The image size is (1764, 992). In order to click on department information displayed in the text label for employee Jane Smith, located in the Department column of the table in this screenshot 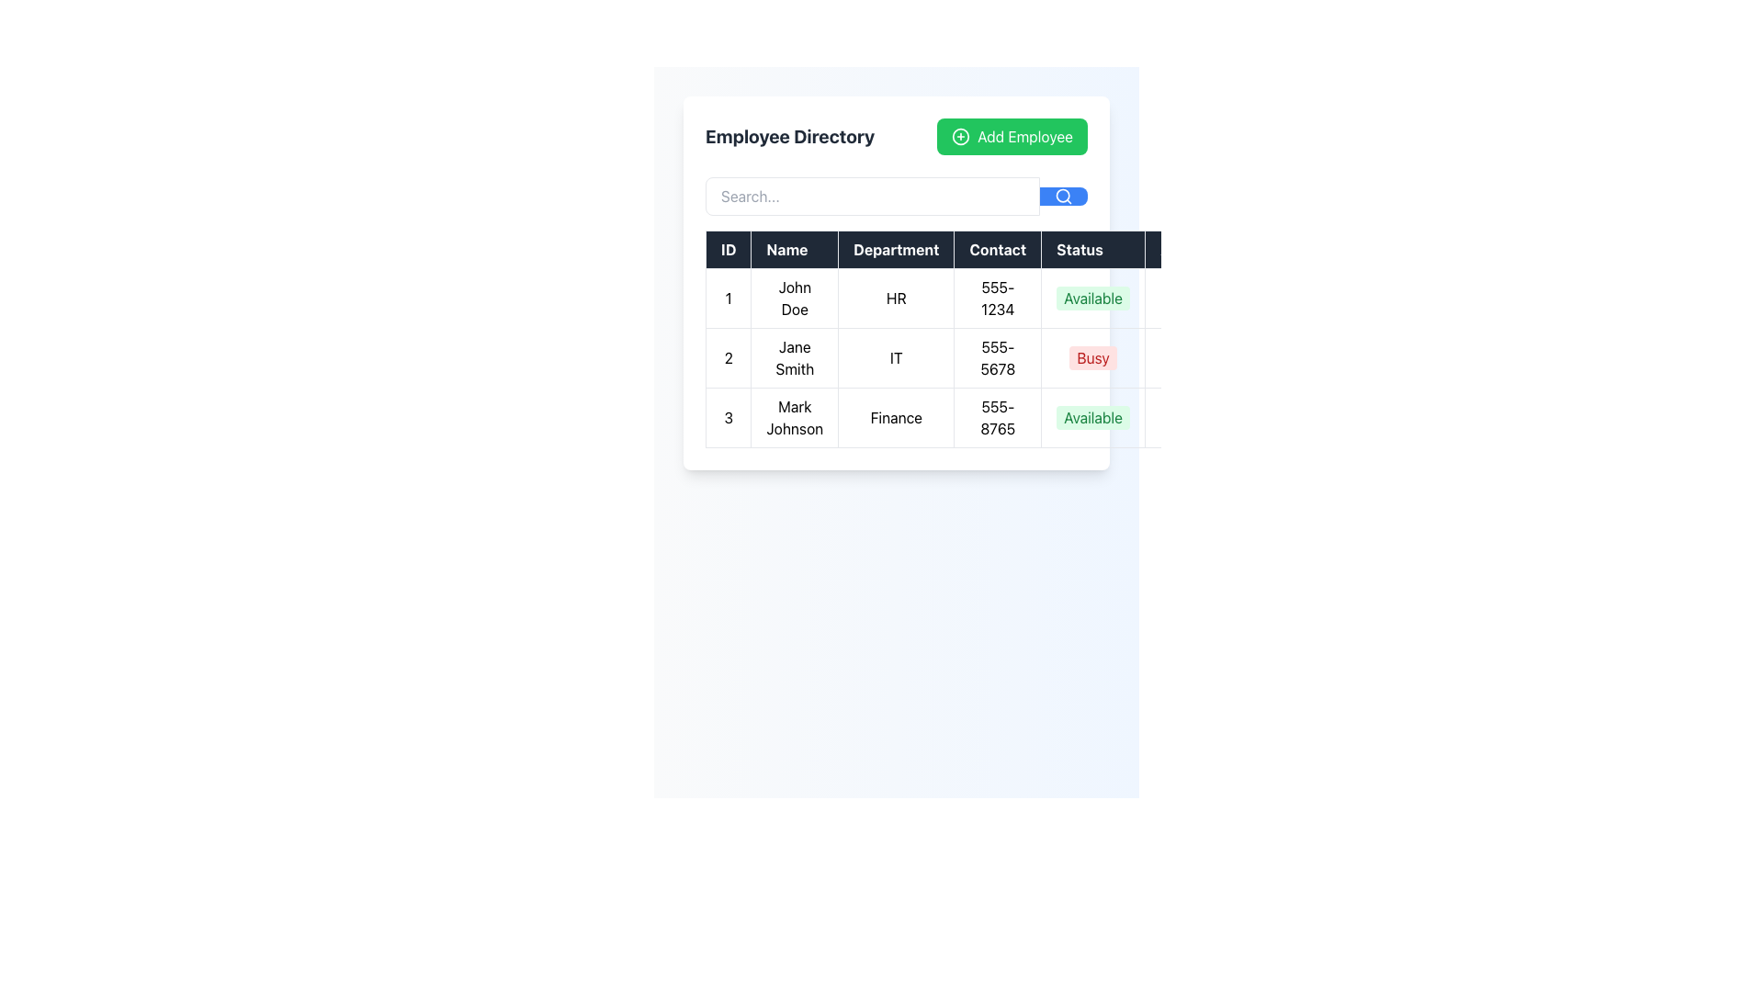, I will do `click(896, 357)`.